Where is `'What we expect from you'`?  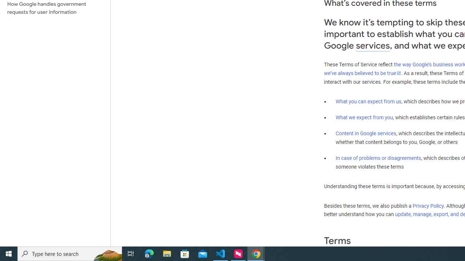 'What we expect from you' is located at coordinates (364, 117).